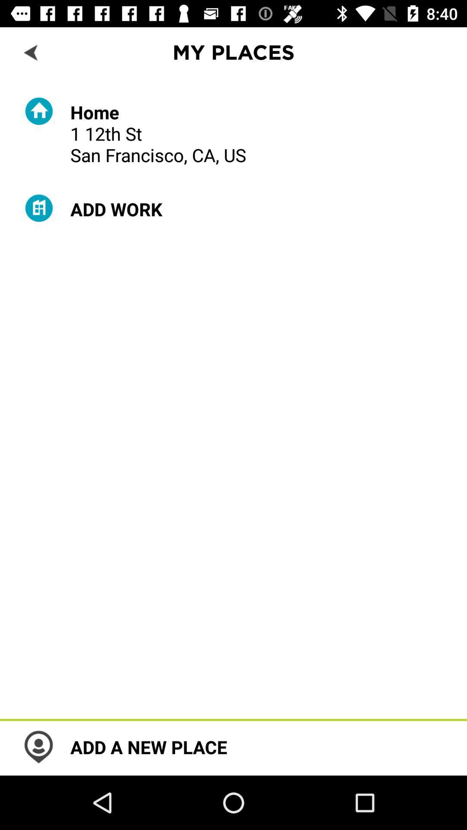 Image resolution: width=467 pixels, height=830 pixels. What do you see at coordinates (158, 133) in the screenshot?
I see `the icon below my places` at bounding box center [158, 133].